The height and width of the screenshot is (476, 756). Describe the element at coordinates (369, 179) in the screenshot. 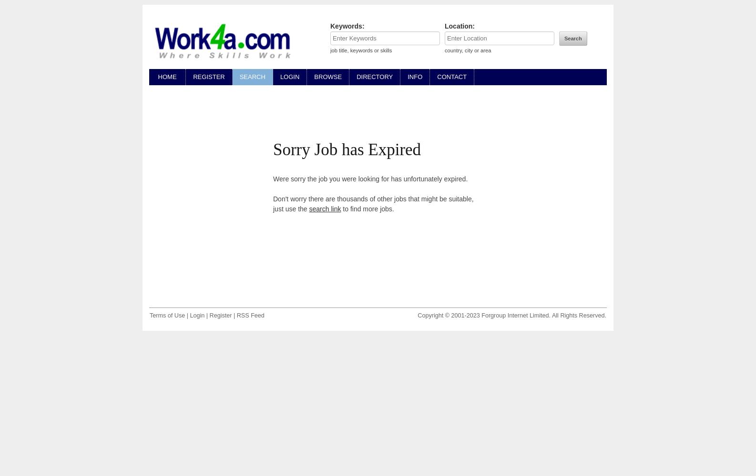

I see `'Were sorry the job you were looking for has unfortunately expired.'` at that location.